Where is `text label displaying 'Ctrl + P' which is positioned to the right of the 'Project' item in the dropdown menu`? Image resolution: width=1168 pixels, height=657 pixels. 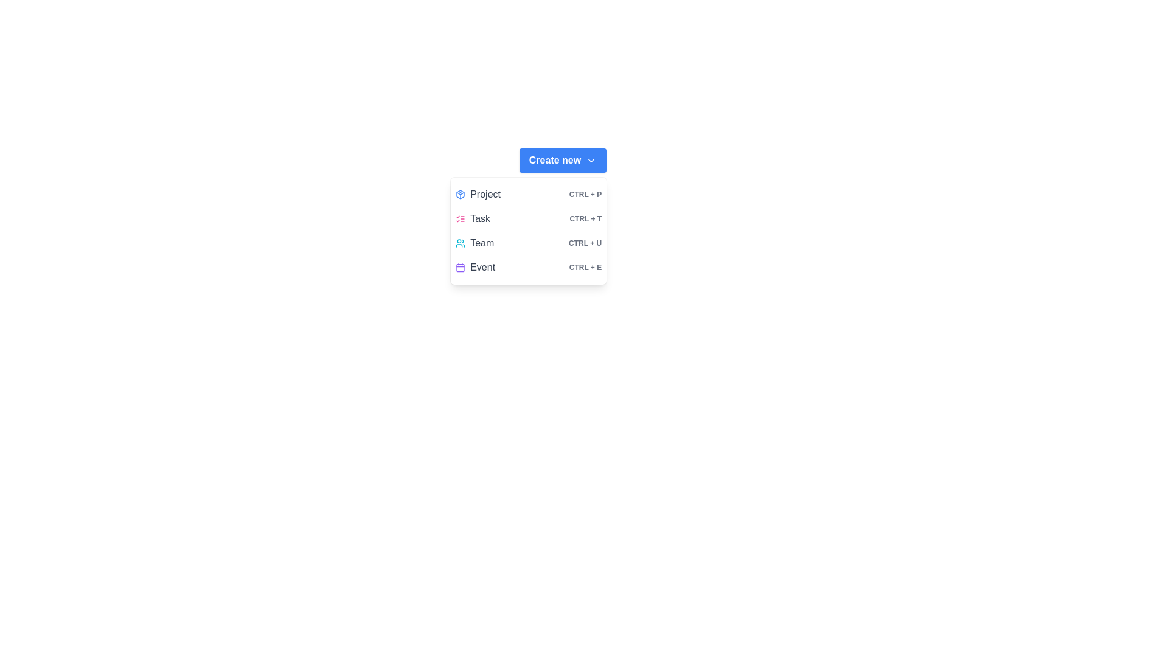
text label displaying 'Ctrl + P' which is positioned to the right of the 'Project' item in the dropdown menu is located at coordinates (585, 194).